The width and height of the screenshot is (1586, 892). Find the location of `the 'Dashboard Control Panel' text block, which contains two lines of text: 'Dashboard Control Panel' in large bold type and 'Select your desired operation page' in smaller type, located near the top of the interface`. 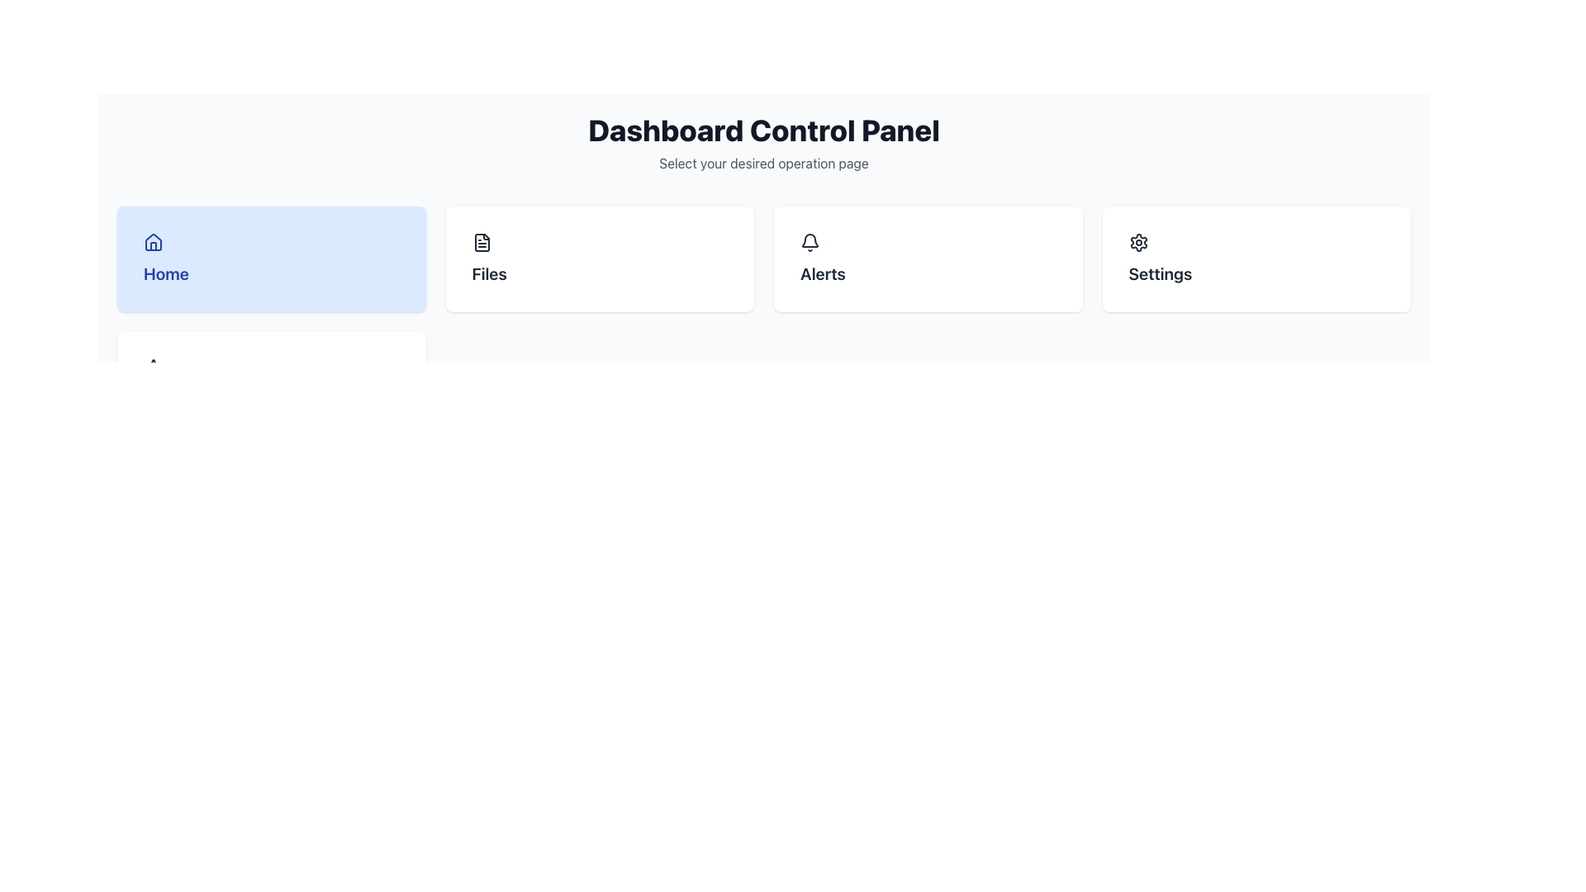

the 'Dashboard Control Panel' text block, which contains two lines of text: 'Dashboard Control Panel' in large bold type and 'Select your desired operation page' in smaller type, located near the top of the interface is located at coordinates (763, 142).